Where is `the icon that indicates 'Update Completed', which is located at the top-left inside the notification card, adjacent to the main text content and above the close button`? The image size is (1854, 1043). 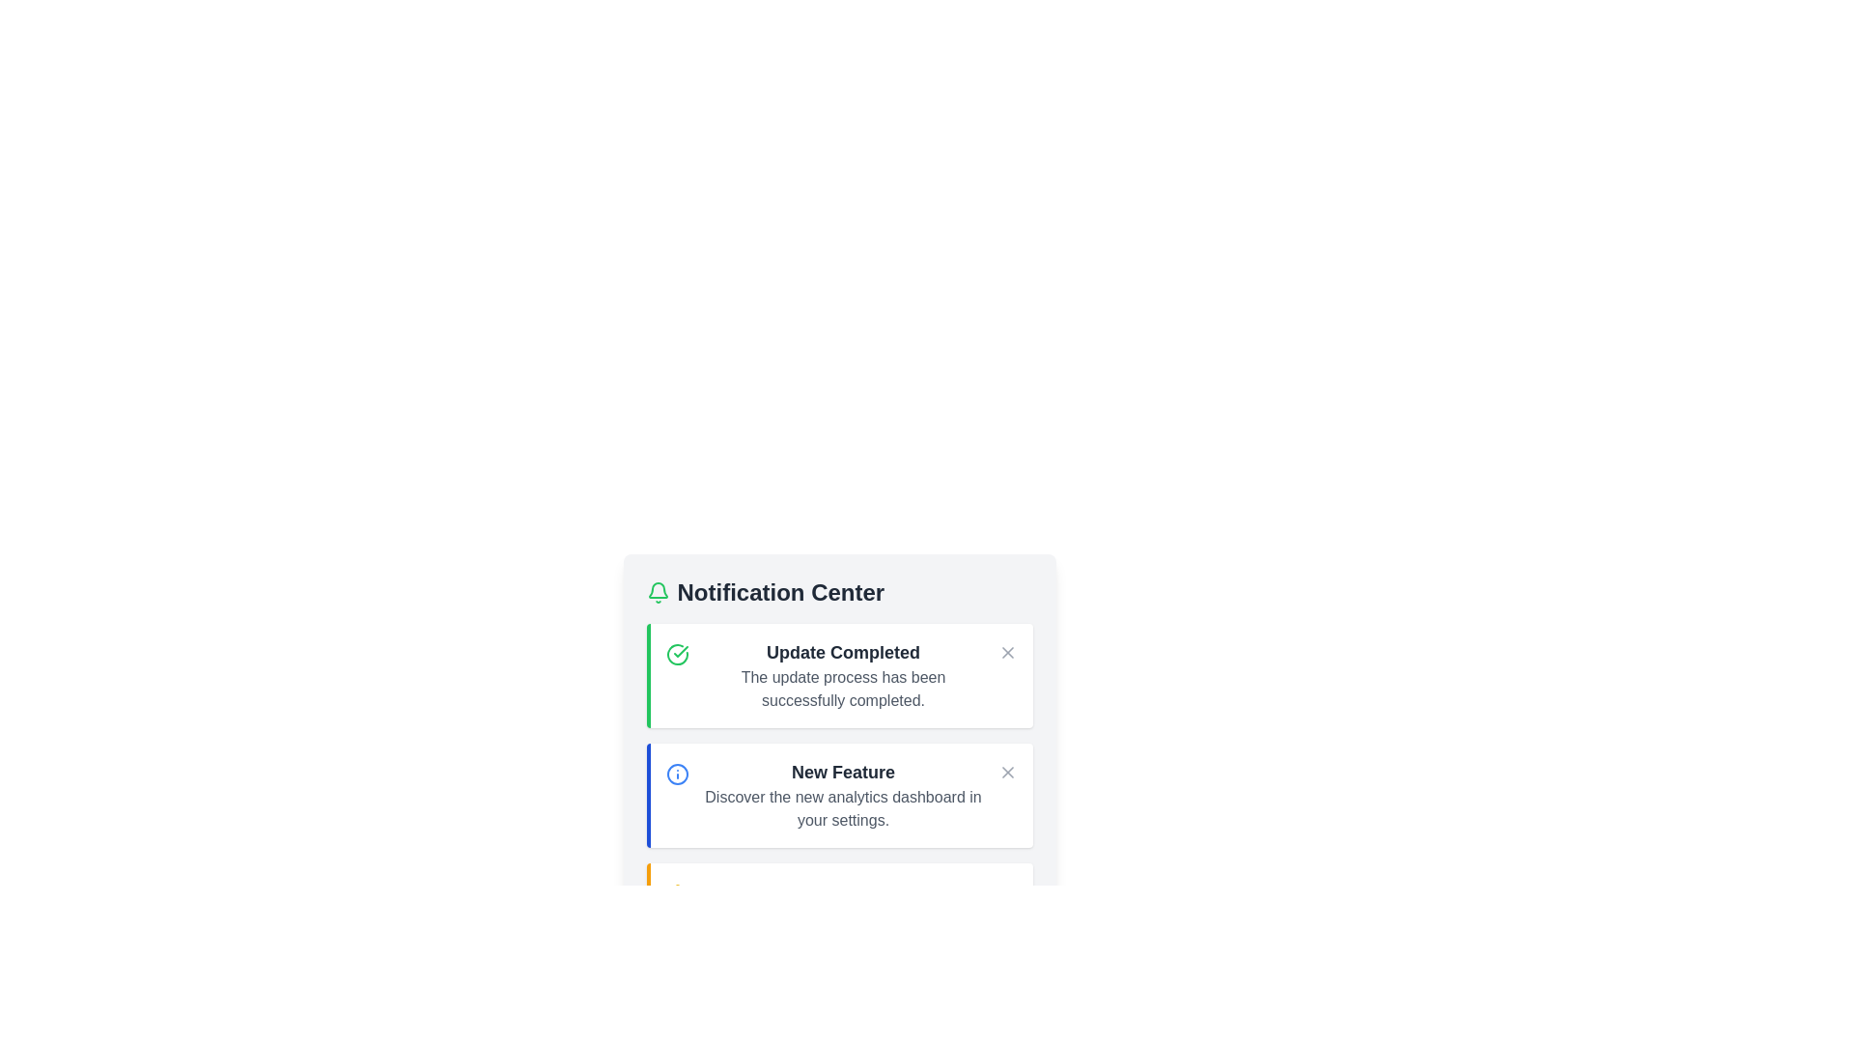
the icon that indicates 'Update Completed', which is located at the top-left inside the notification card, adjacent to the main text content and above the close button is located at coordinates (677, 654).